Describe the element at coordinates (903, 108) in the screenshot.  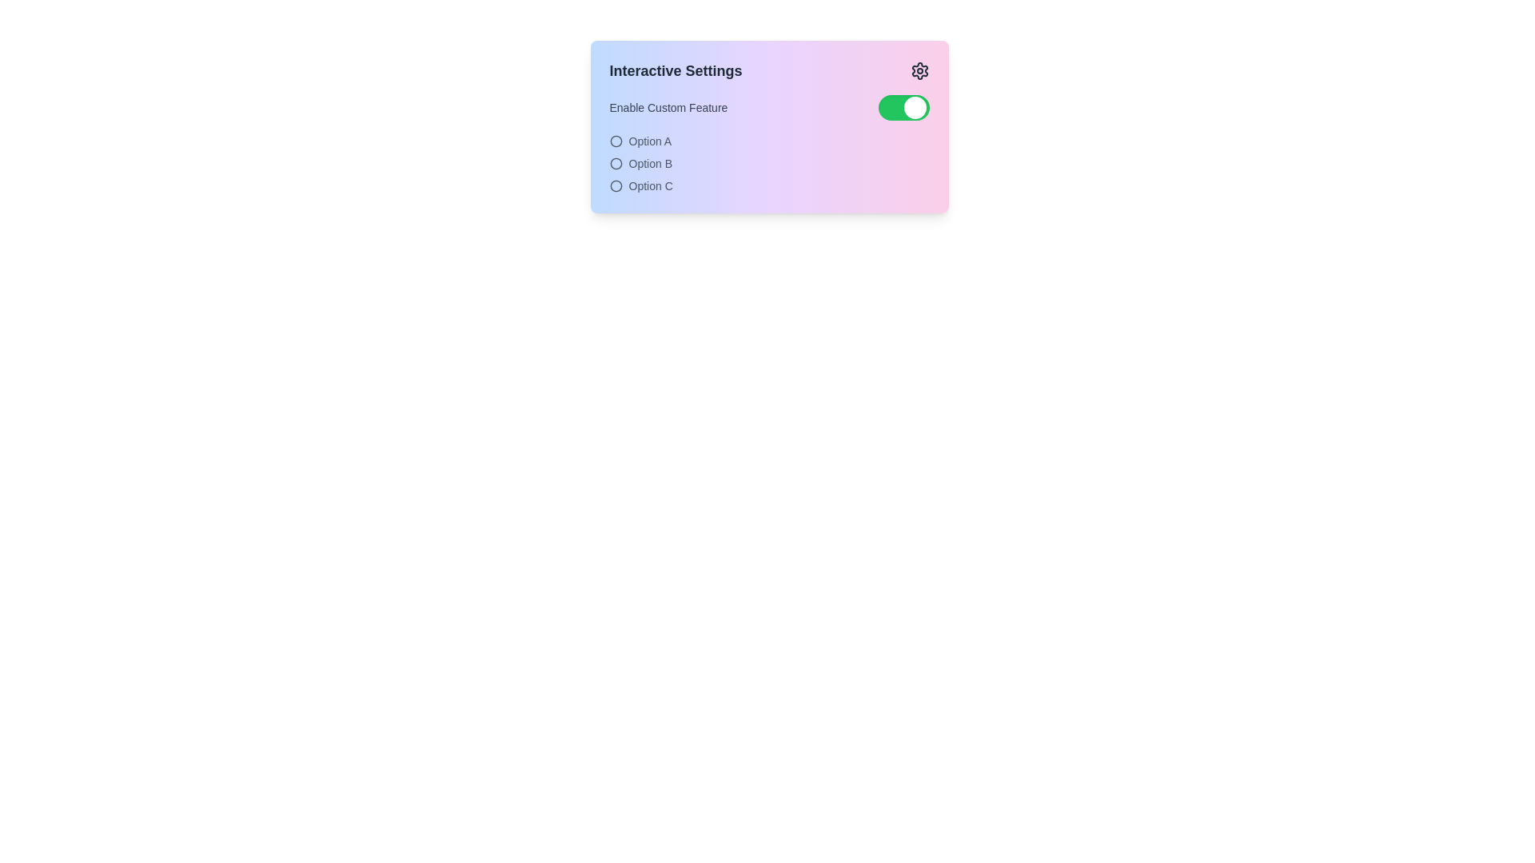
I see `the toggle switch located to the right of the 'Enable Custom Feature' label in the 'Interactive Settings' section` at that location.